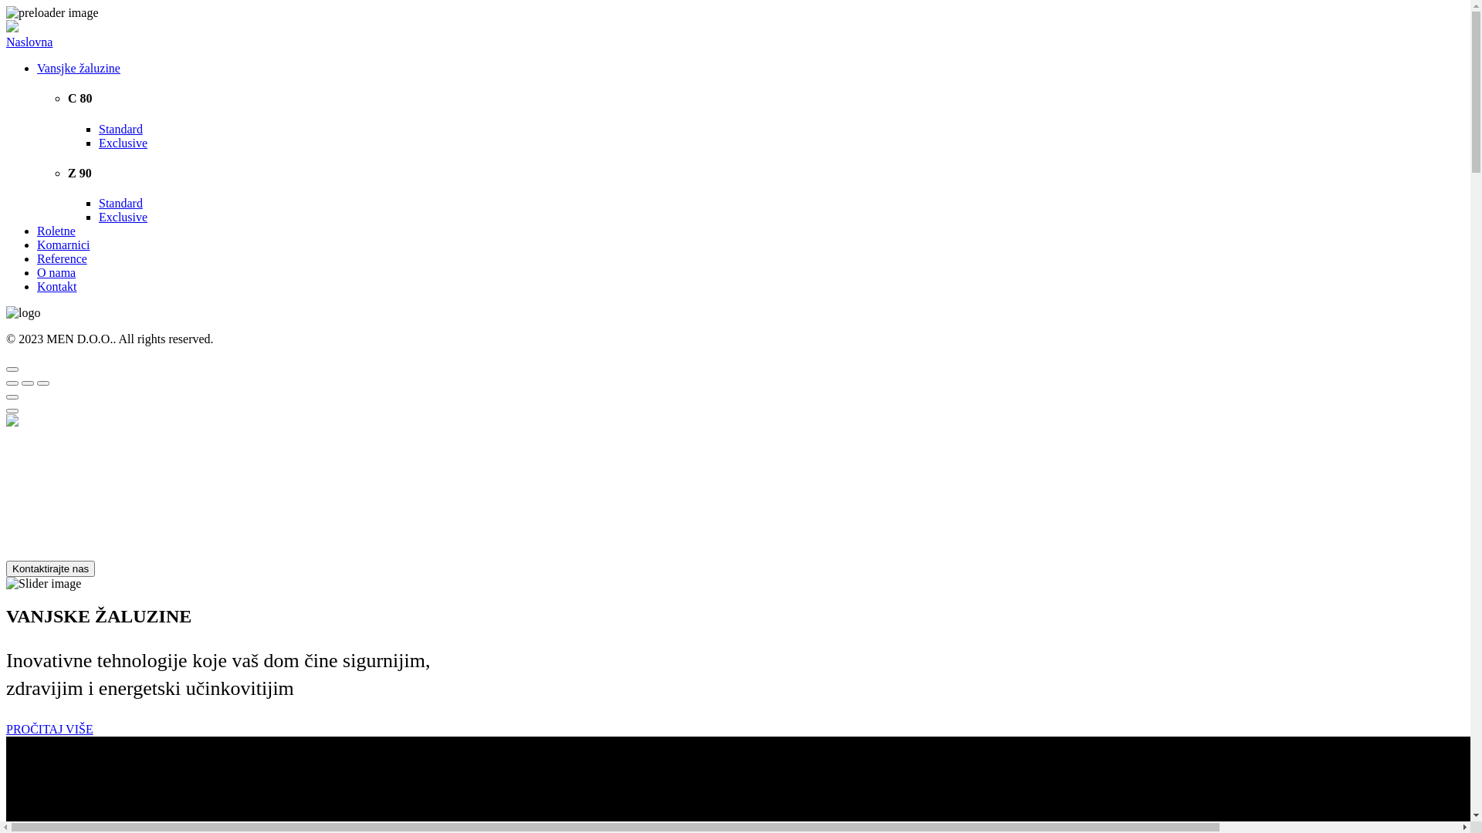 This screenshot has width=1482, height=833. What do you see at coordinates (29, 41) in the screenshot?
I see `'Naslovna'` at bounding box center [29, 41].